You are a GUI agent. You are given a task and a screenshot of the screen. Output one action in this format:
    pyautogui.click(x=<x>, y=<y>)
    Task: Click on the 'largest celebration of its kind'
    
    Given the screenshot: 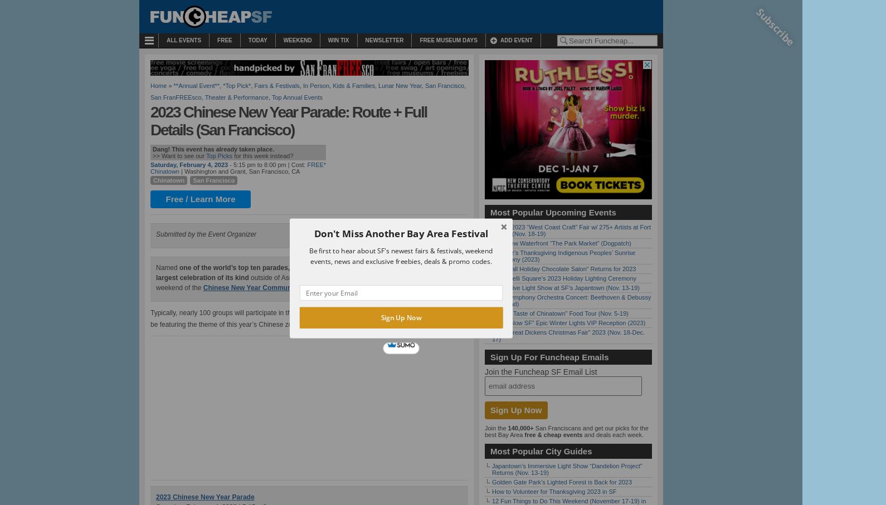 What is the action you would take?
    pyautogui.click(x=202, y=277)
    